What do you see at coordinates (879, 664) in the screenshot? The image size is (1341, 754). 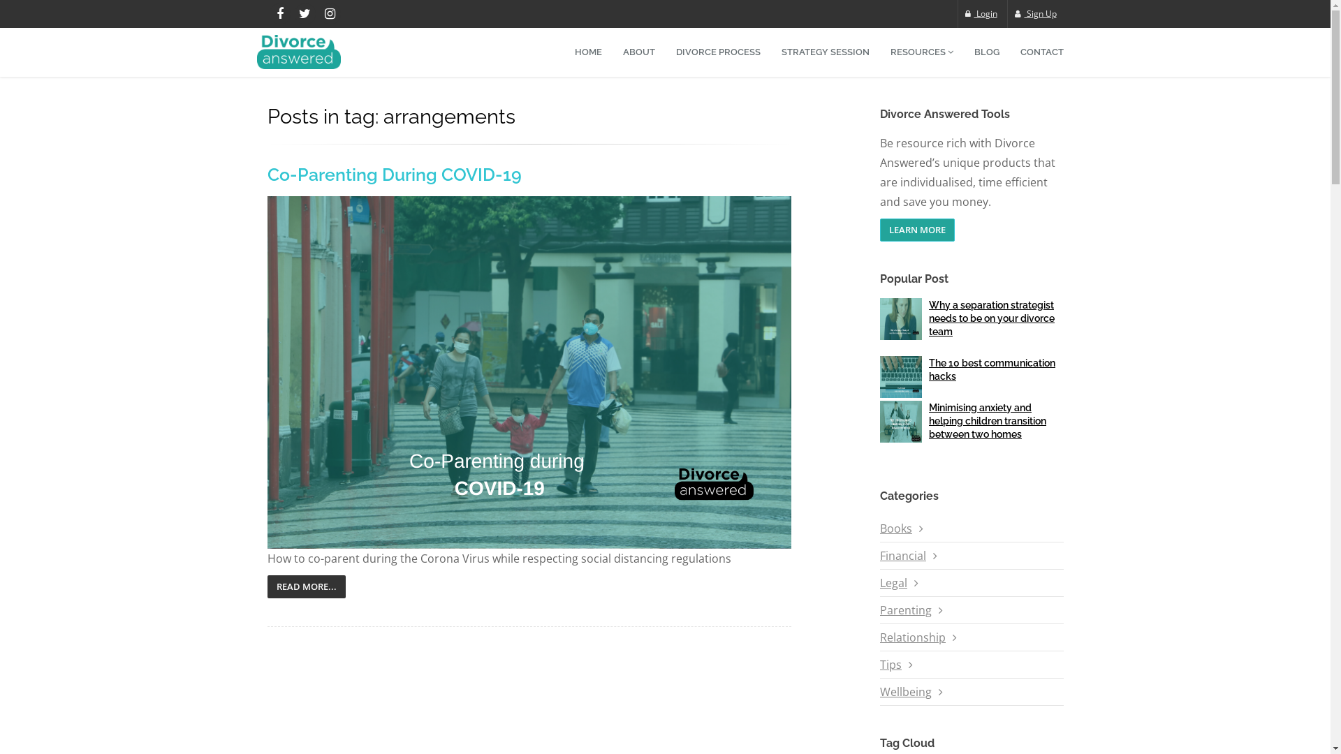 I see `'Tips'` at bounding box center [879, 664].